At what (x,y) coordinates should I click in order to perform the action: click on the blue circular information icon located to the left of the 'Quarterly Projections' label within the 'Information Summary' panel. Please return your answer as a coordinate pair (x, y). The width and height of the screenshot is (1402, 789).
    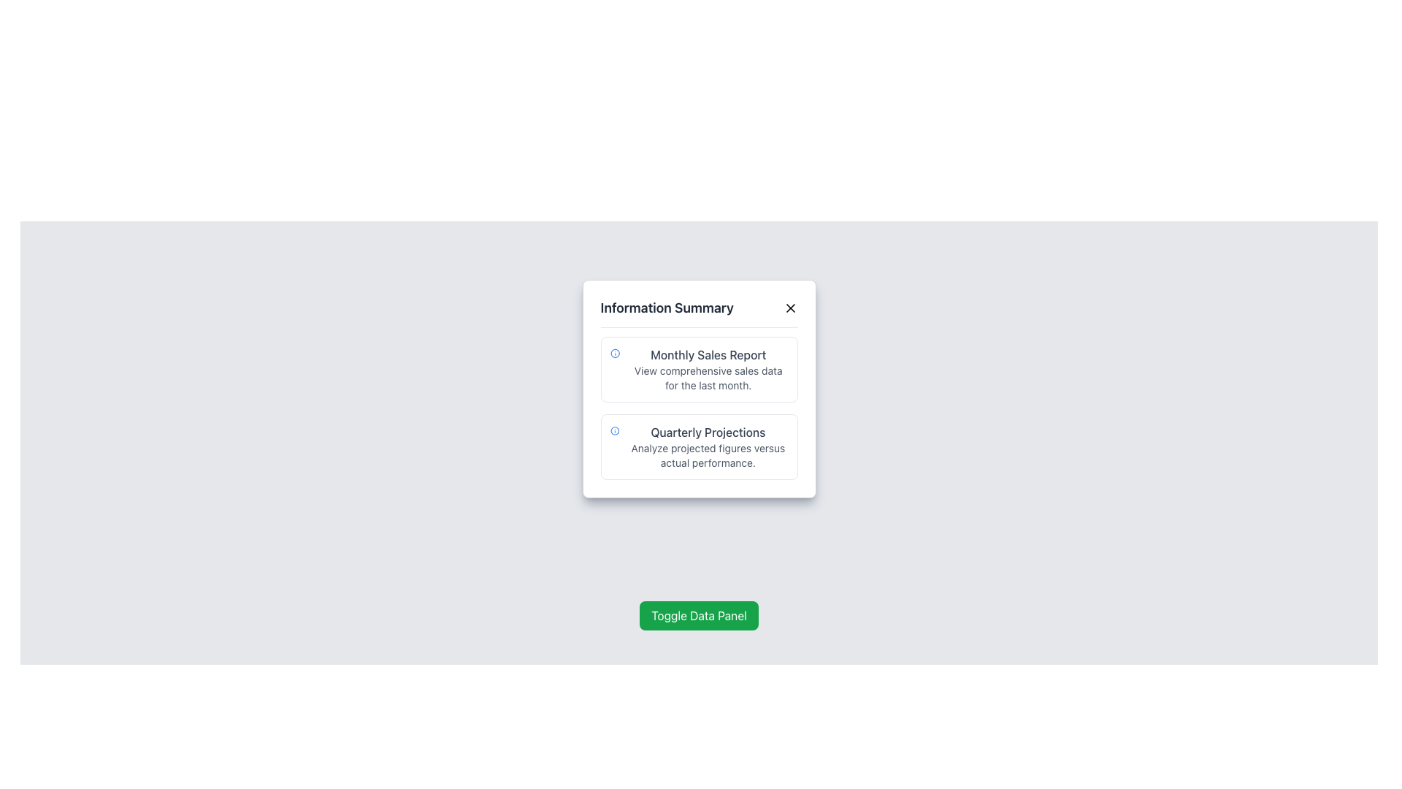
    Looking at the image, I should click on (614, 430).